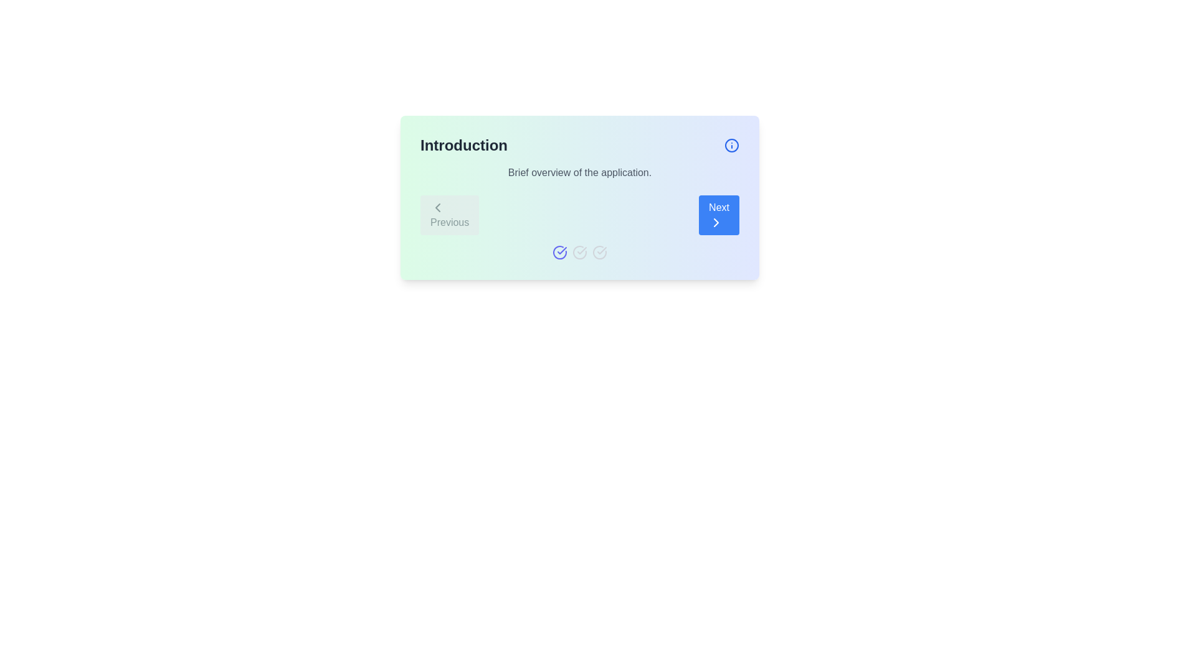 This screenshot has height=672, width=1196. What do you see at coordinates (437, 207) in the screenshot?
I see `the left-pointing chevron icon contained within the 'Previous' button, located in the bottom-left section of the 'Introduction' card-like layout` at bounding box center [437, 207].